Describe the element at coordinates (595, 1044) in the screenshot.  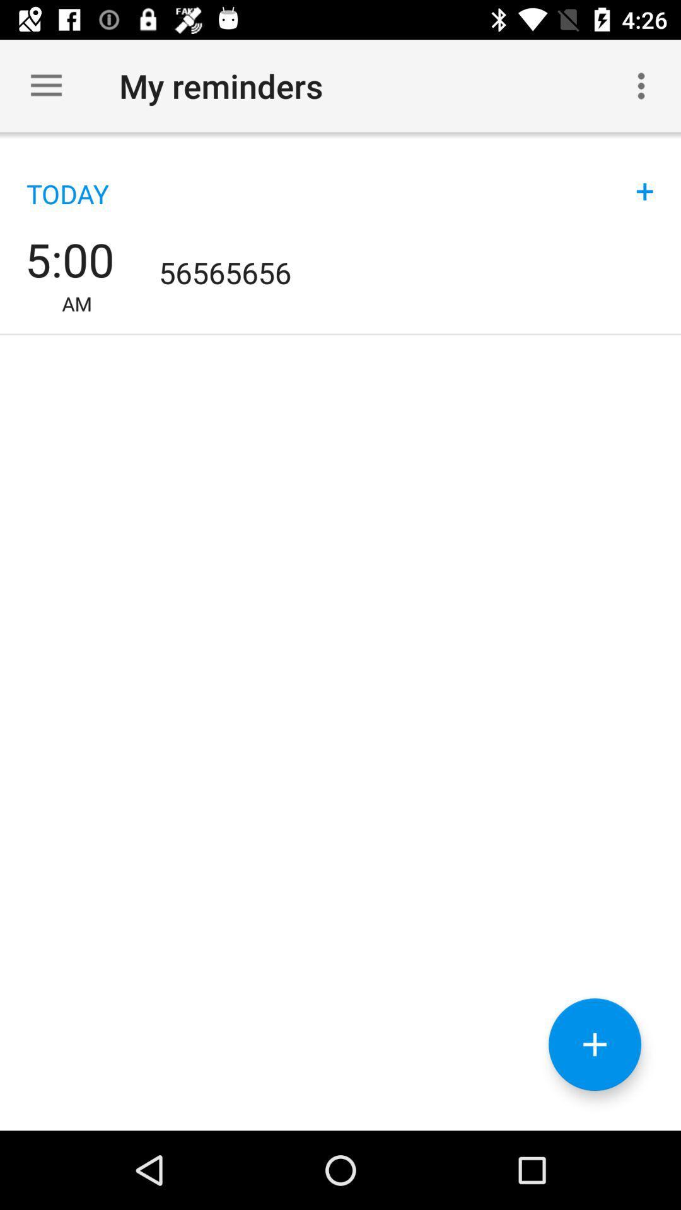
I see `icon below 56565656 item` at that location.